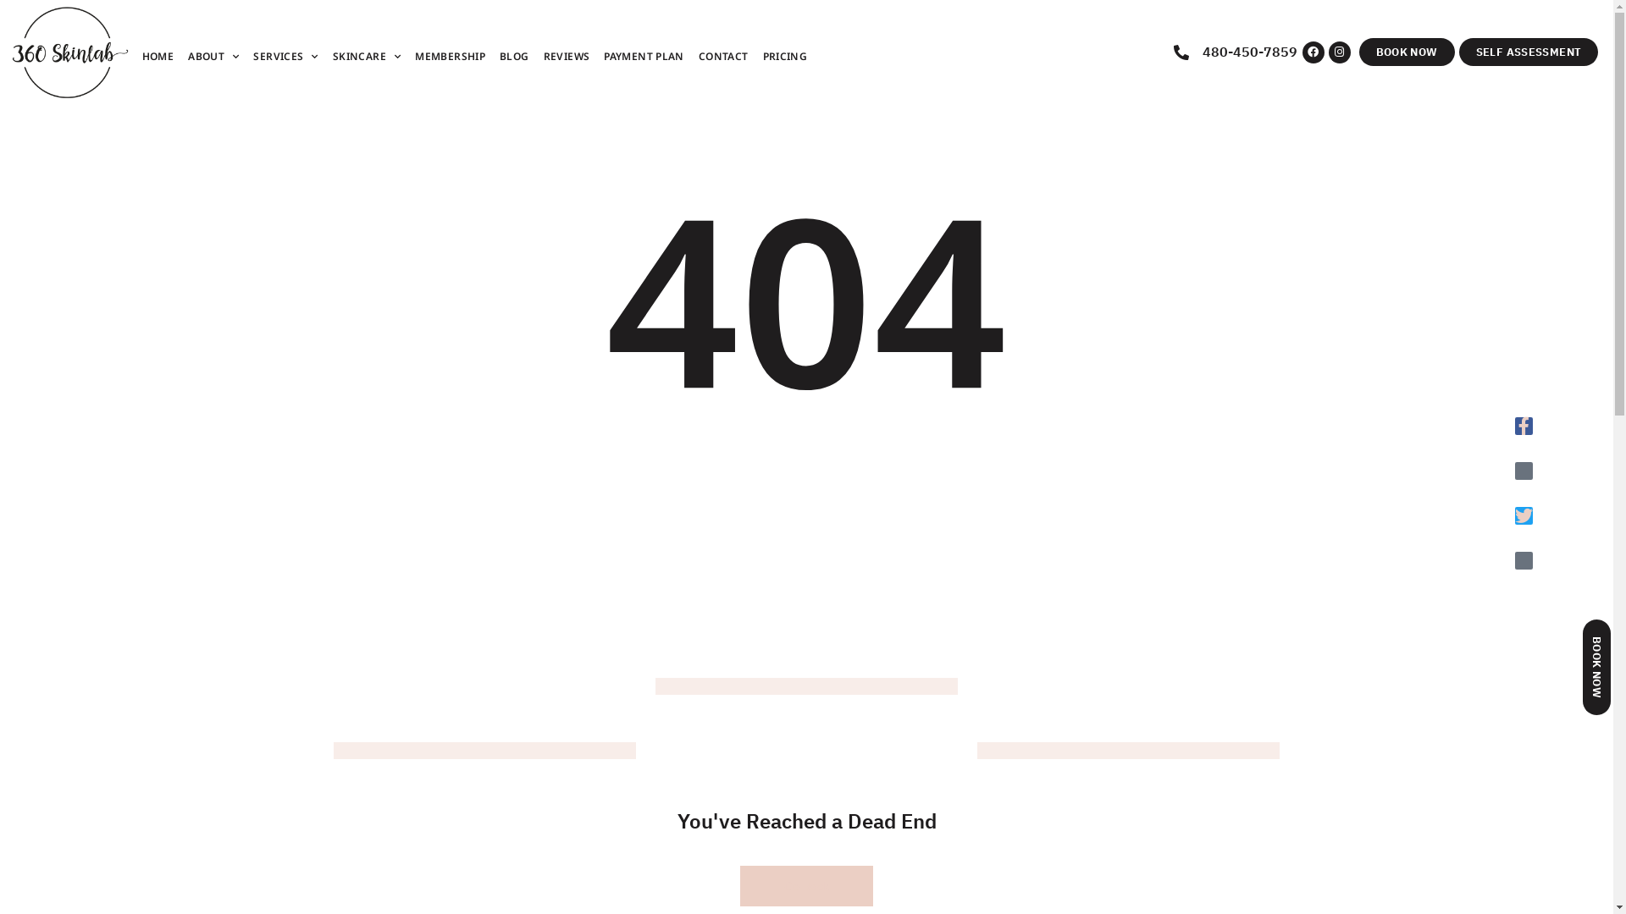 The width and height of the screenshot is (1626, 914). Describe the element at coordinates (450, 55) in the screenshot. I see `'MEMBERSHIP'` at that location.